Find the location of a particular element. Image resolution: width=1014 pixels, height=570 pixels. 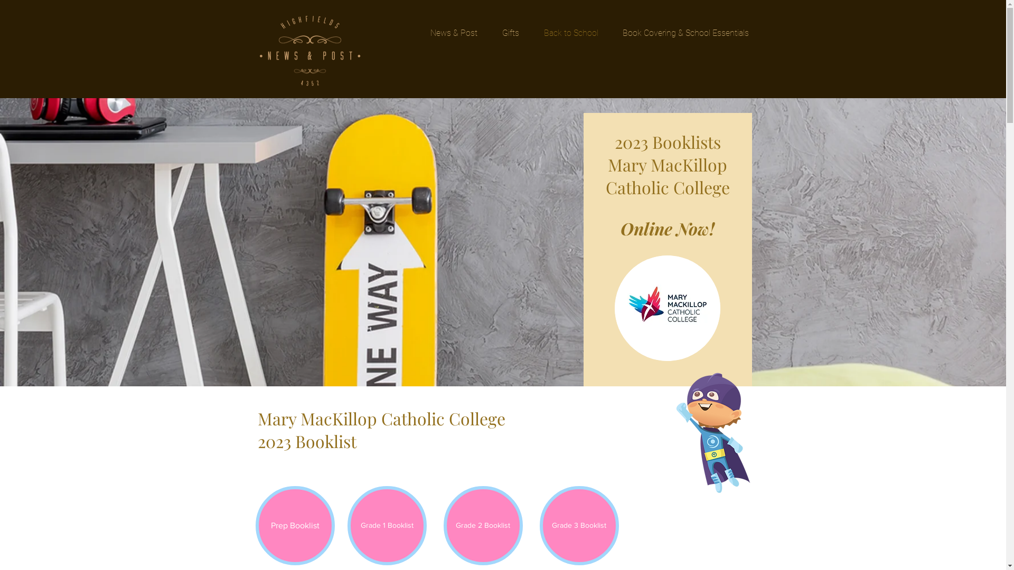

'News & Post' is located at coordinates (454, 32).